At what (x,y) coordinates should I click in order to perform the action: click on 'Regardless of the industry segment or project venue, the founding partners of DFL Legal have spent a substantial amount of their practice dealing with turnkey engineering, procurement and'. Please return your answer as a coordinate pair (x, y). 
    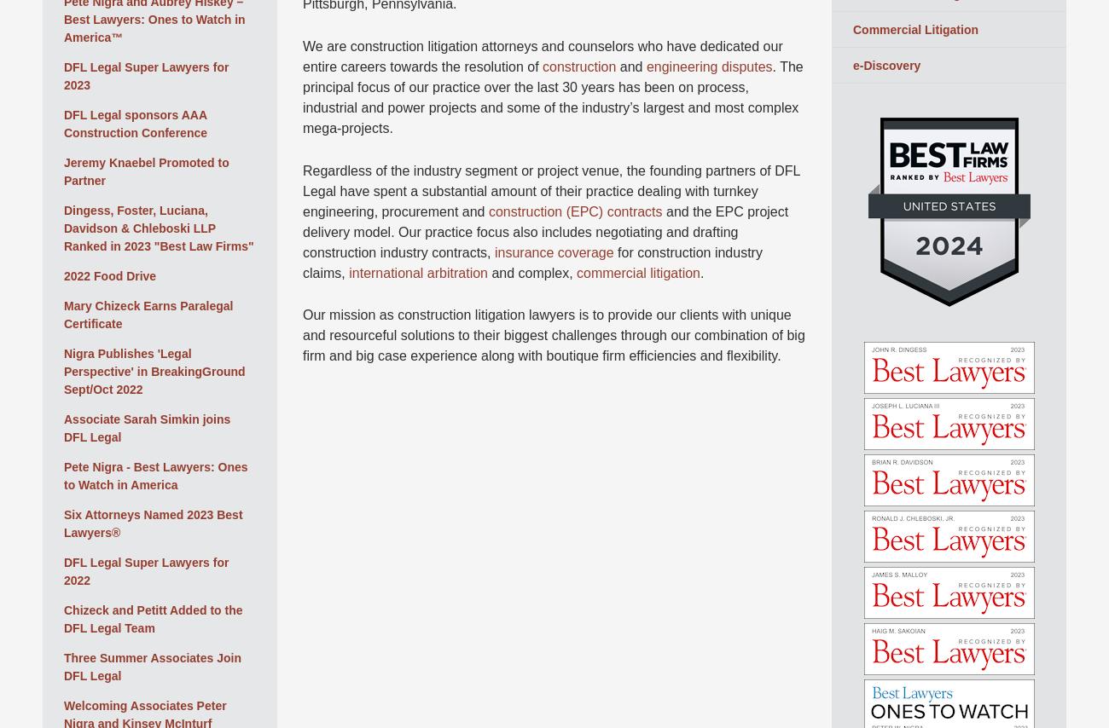
    Looking at the image, I should click on (550, 190).